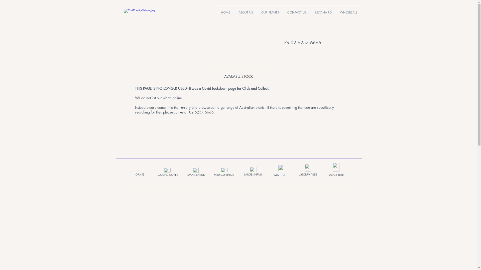  What do you see at coordinates (270, 10) in the screenshot?
I see `'OUR PLANTS'` at bounding box center [270, 10].